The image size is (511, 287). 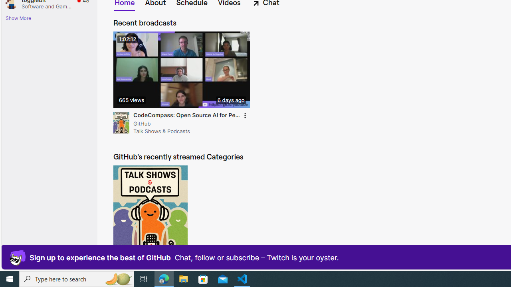 What do you see at coordinates (150, 214) in the screenshot?
I see `'Talk Shows & Podcasts cover image'` at bounding box center [150, 214].